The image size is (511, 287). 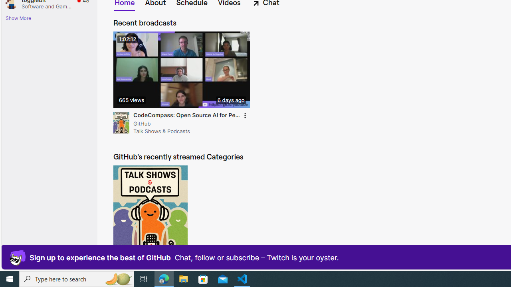 What do you see at coordinates (150, 214) in the screenshot?
I see `'Talk Shows & Podcasts cover image'` at bounding box center [150, 214].